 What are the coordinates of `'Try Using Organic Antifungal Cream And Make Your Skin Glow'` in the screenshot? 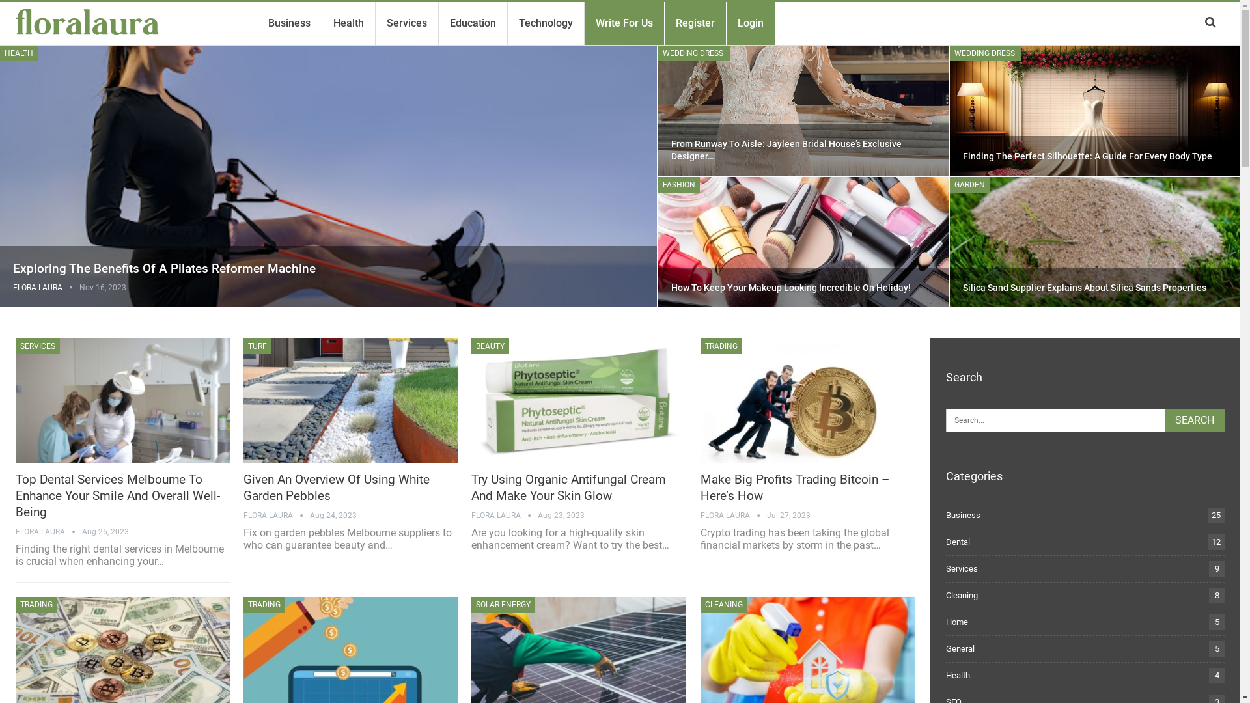 It's located at (577, 400).